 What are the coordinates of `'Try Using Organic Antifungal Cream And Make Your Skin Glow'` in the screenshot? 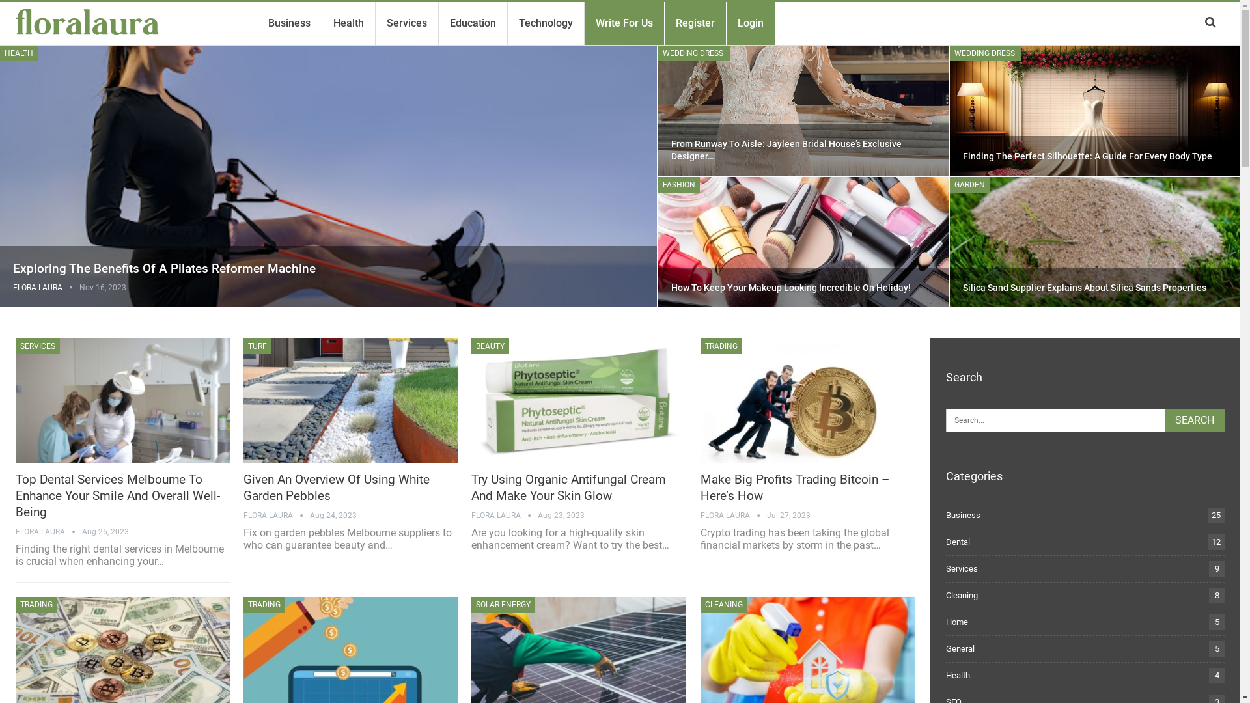 It's located at (577, 400).